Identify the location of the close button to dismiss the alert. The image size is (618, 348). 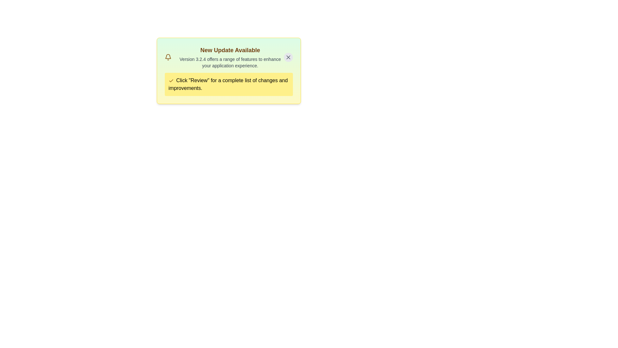
(288, 57).